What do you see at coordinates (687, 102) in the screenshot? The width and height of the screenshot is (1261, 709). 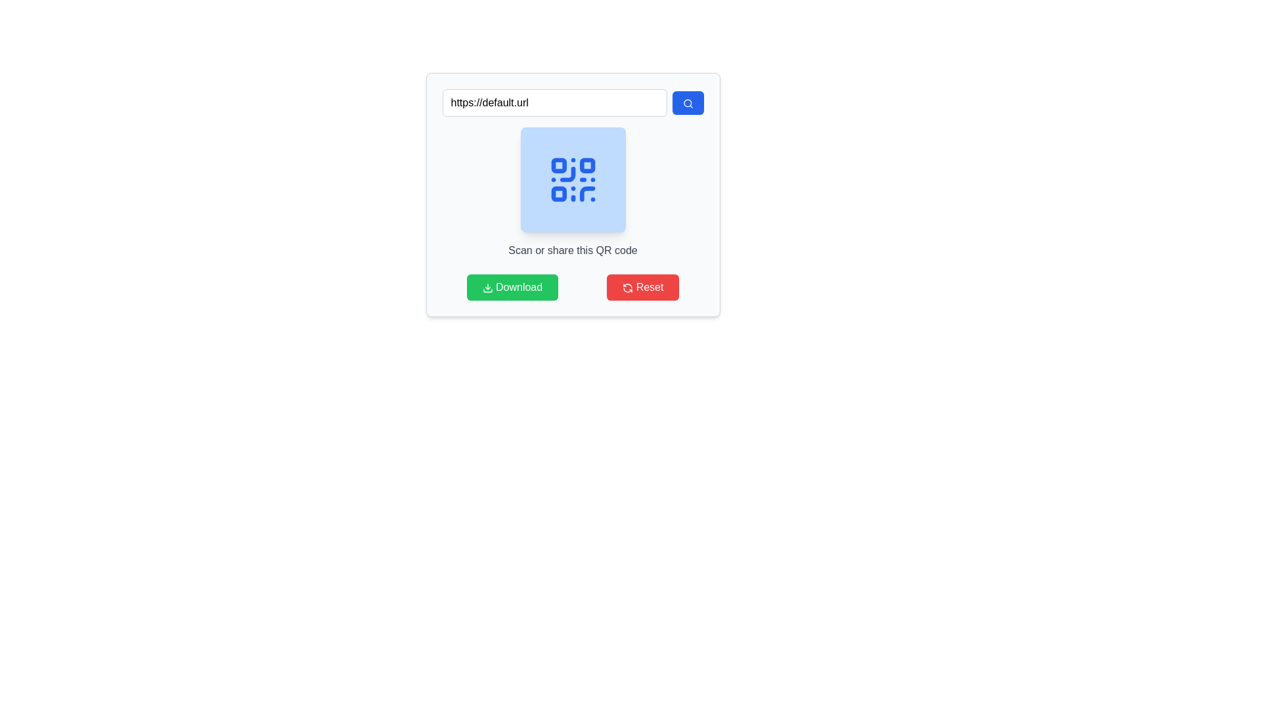 I see `the small rectangular button with rounded corners and a blue background, which features a white magnifying glass icon` at bounding box center [687, 102].